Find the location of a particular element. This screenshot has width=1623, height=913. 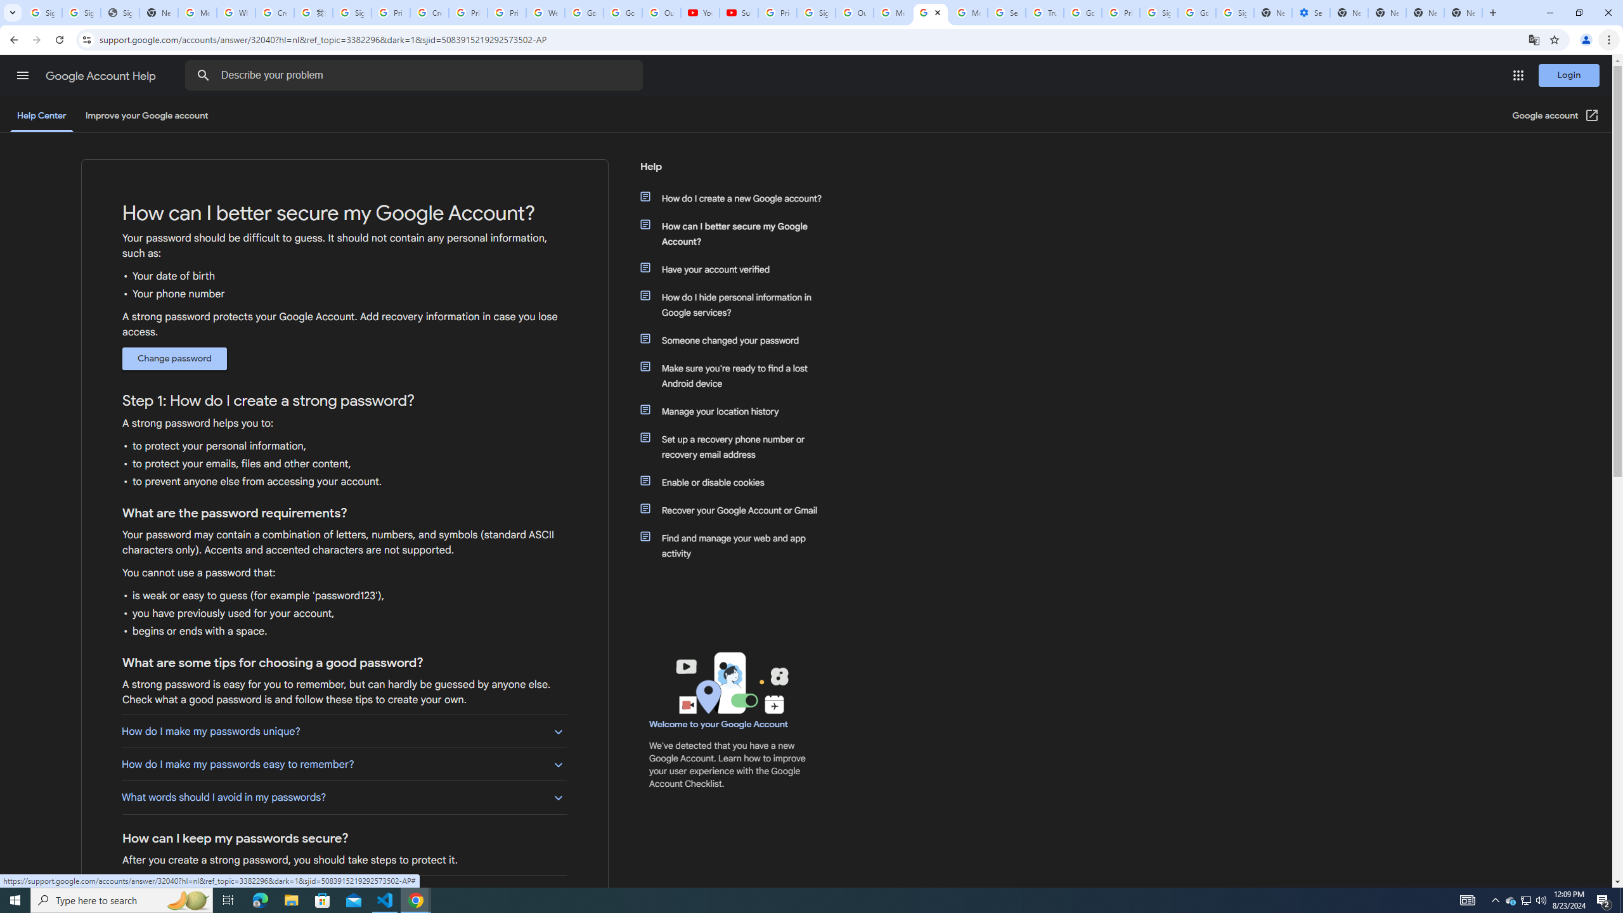

'YouTube' is located at coordinates (700, 12).